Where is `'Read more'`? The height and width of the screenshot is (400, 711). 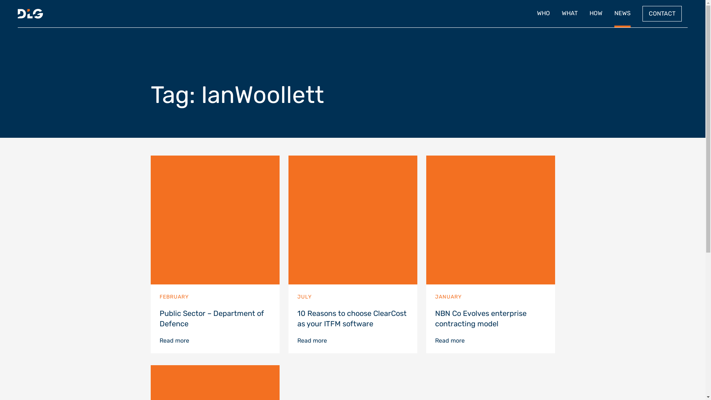 'Read more' is located at coordinates (174, 340).